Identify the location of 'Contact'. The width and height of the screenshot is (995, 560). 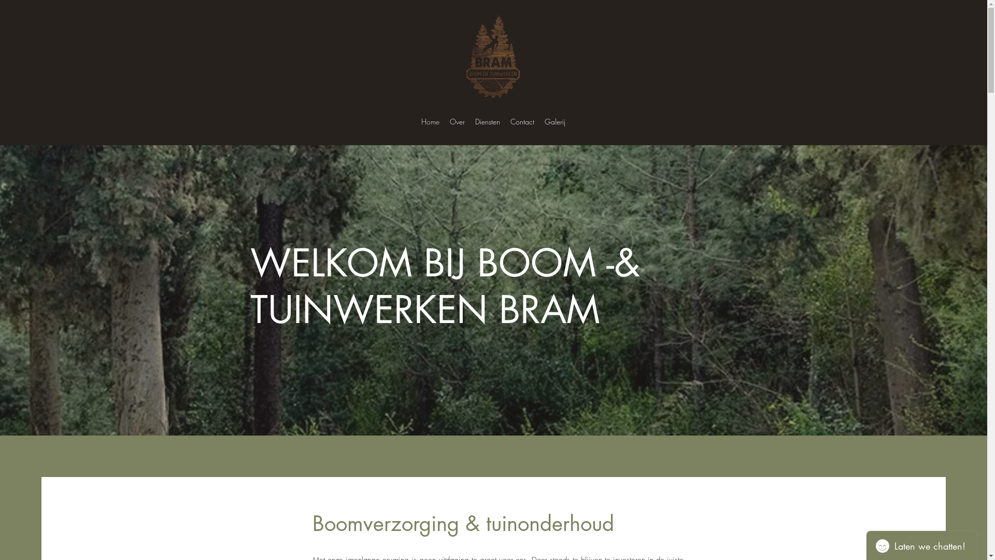
(522, 121).